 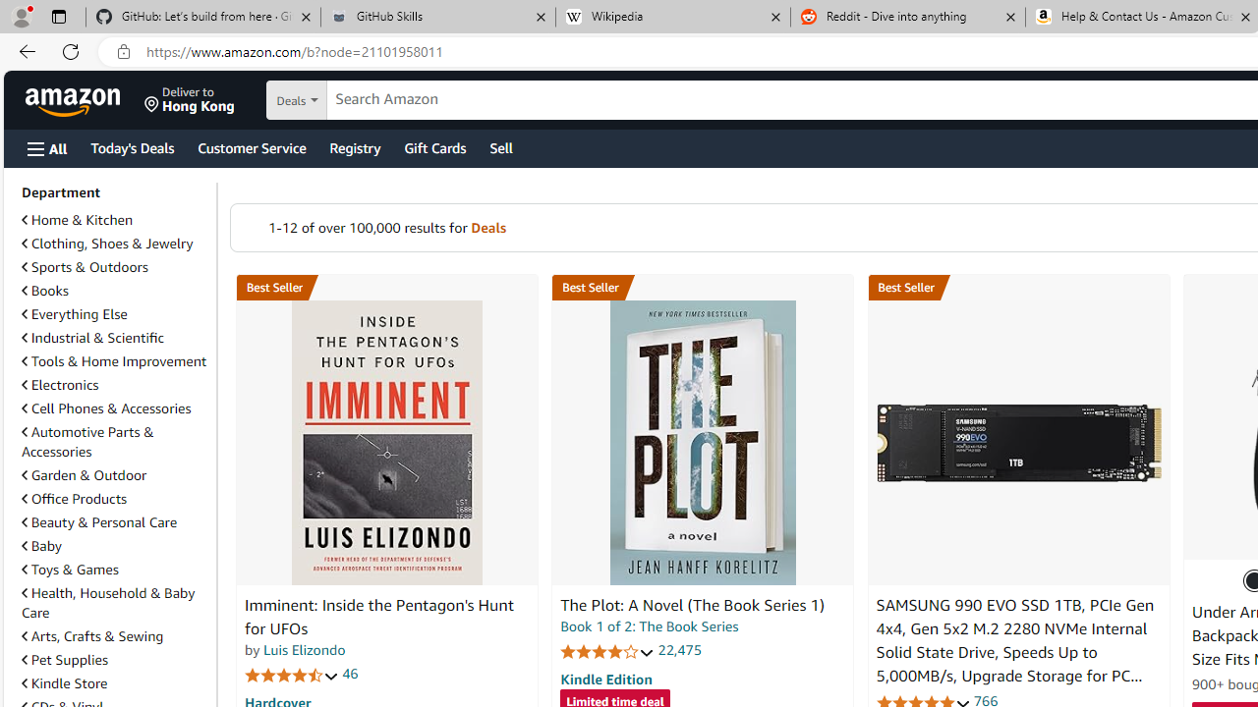 What do you see at coordinates (114, 569) in the screenshot?
I see `'Toys & Games'` at bounding box center [114, 569].